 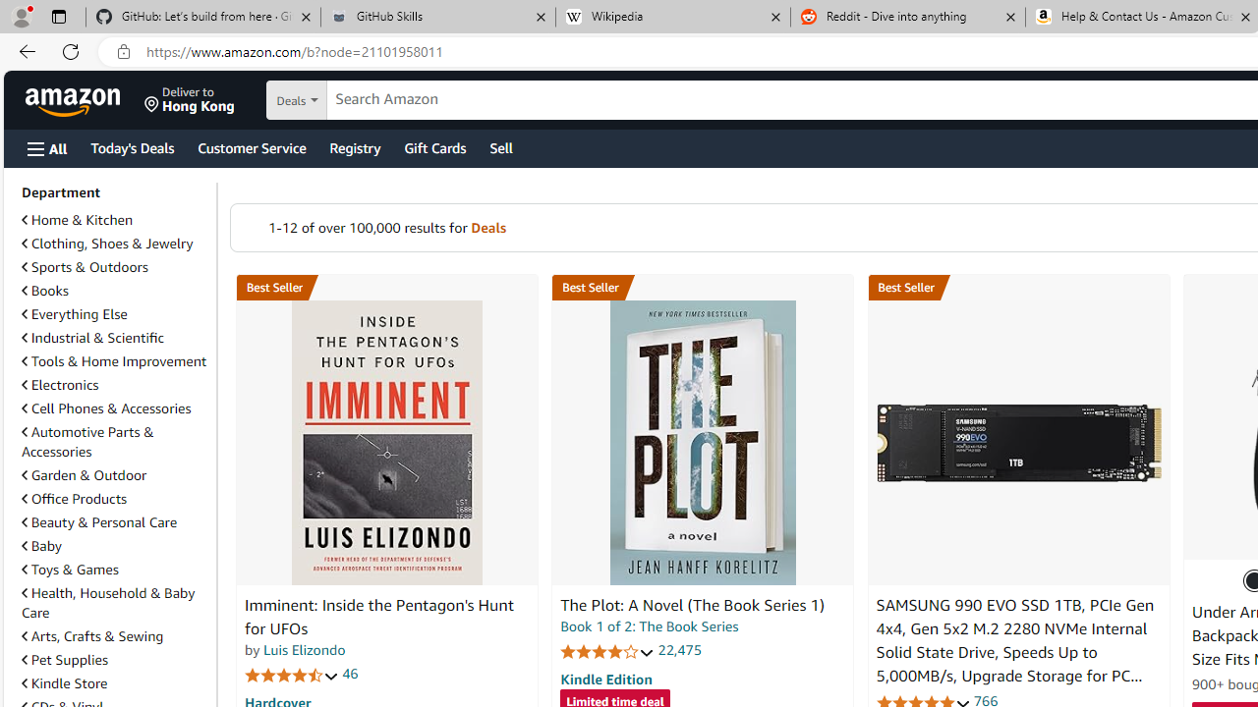 What do you see at coordinates (114, 569) in the screenshot?
I see `'Toys & Games'` at bounding box center [114, 569].